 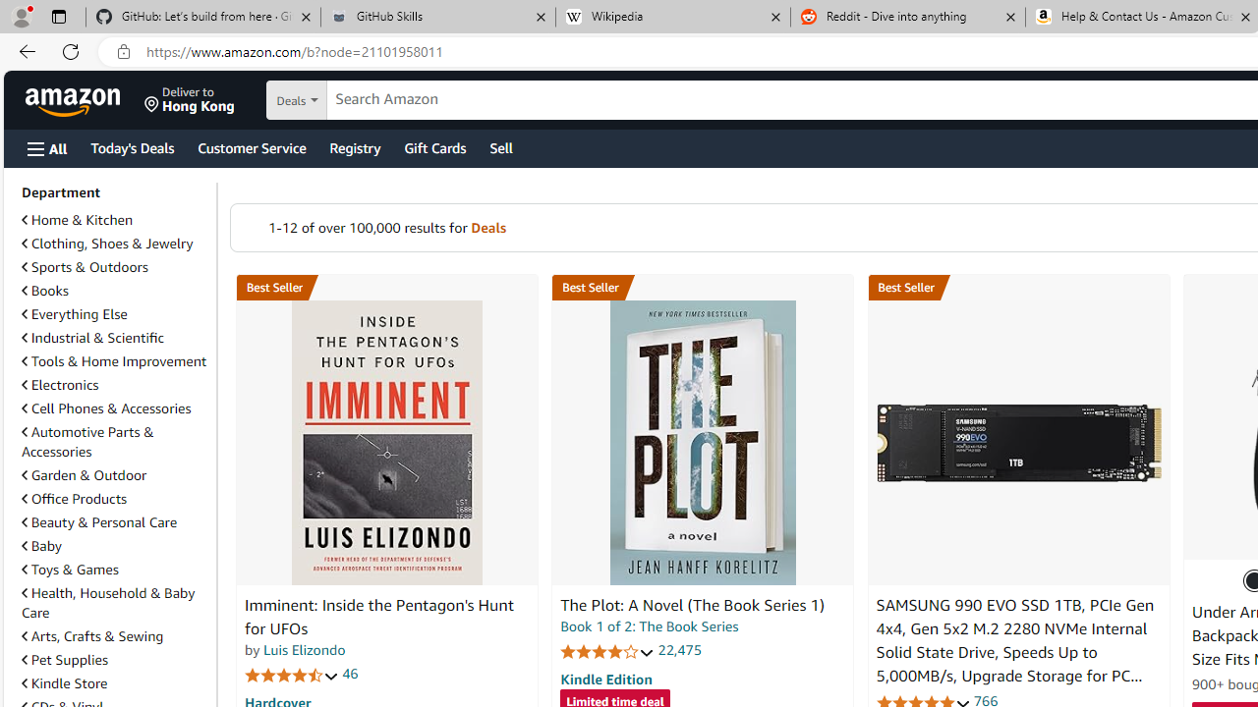 What do you see at coordinates (114, 569) in the screenshot?
I see `'Toys & Games'` at bounding box center [114, 569].